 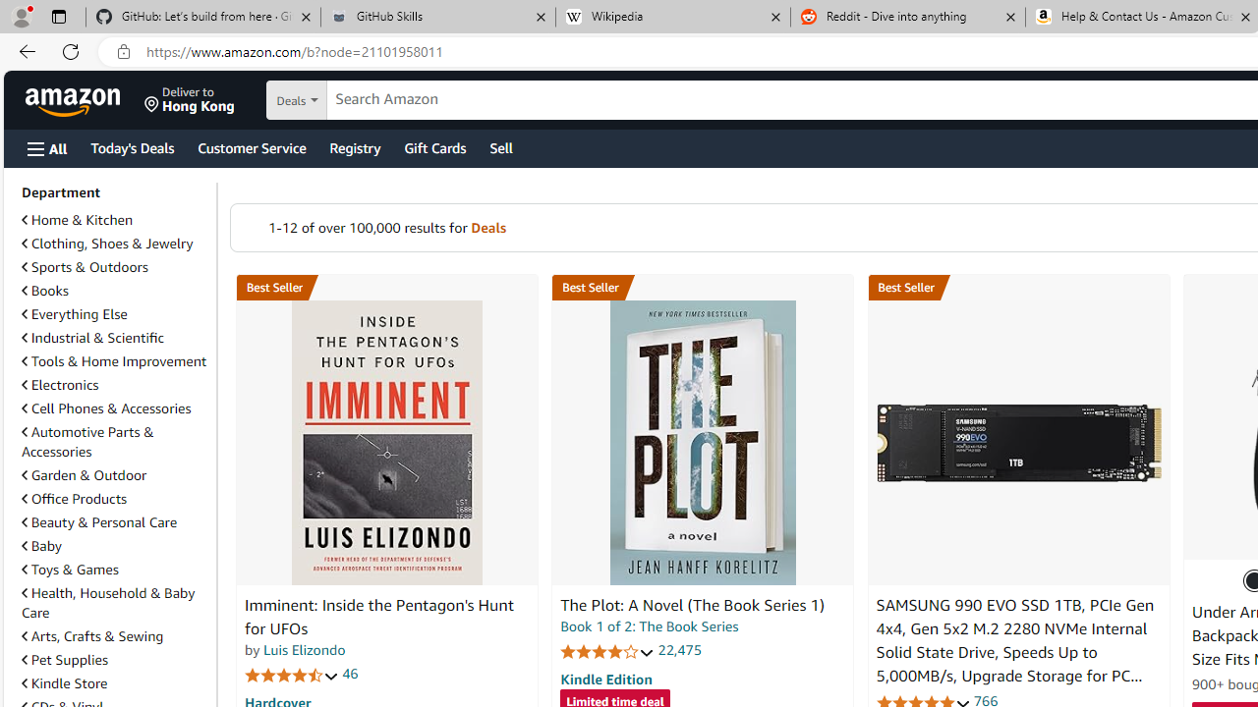 What do you see at coordinates (114, 569) in the screenshot?
I see `'Toys & Games'` at bounding box center [114, 569].